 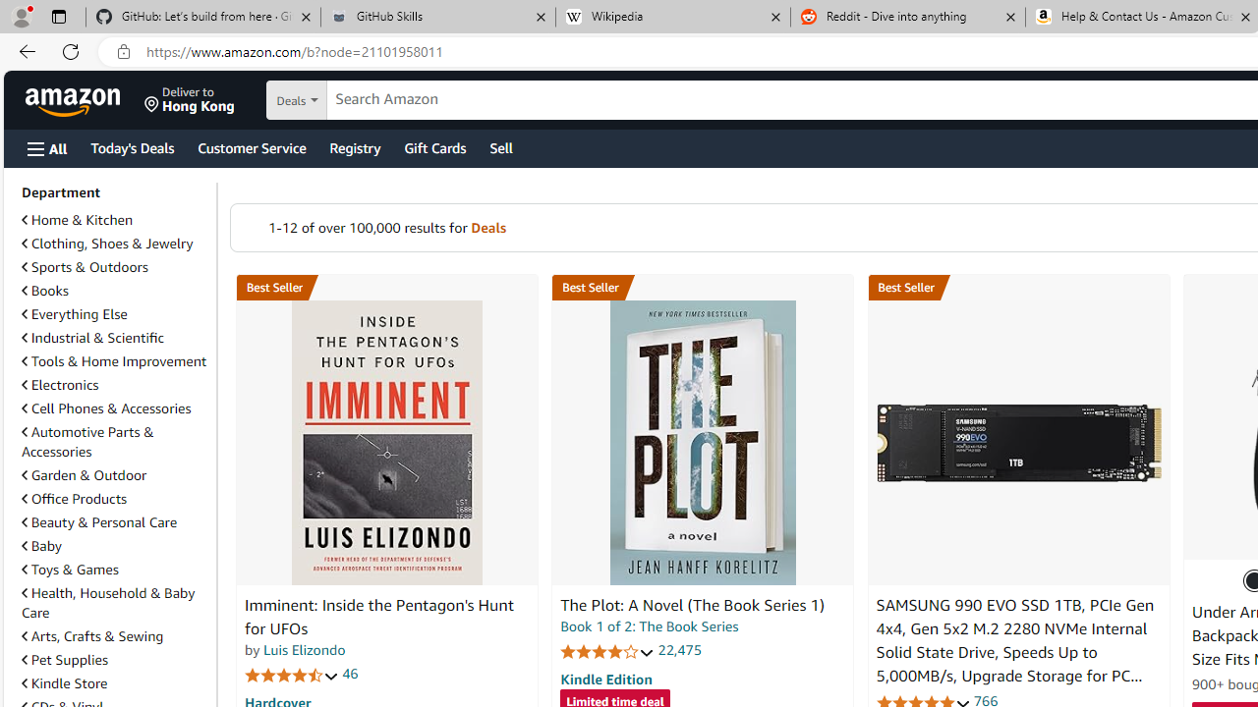 What do you see at coordinates (114, 569) in the screenshot?
I see `'Toys & Games'` at bounding box center [114, 569].